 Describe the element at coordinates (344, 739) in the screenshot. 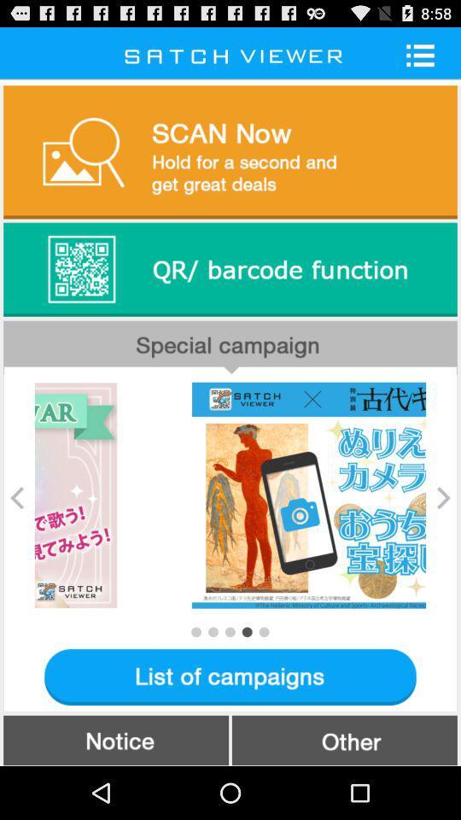

I see `other` at that location.